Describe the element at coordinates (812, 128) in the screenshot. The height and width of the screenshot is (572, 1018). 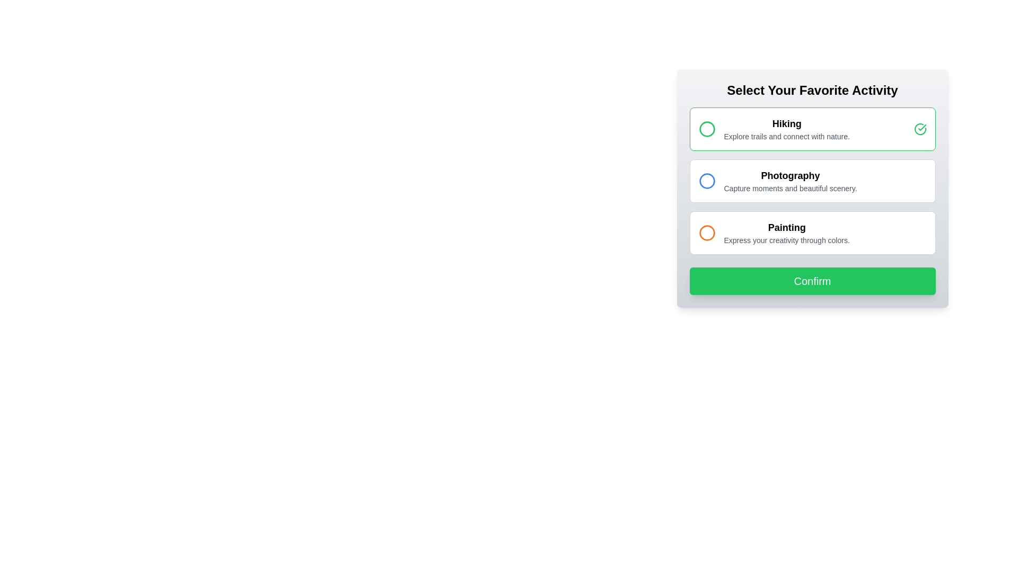
I see `the 'Hiking' radio button option` at that location.